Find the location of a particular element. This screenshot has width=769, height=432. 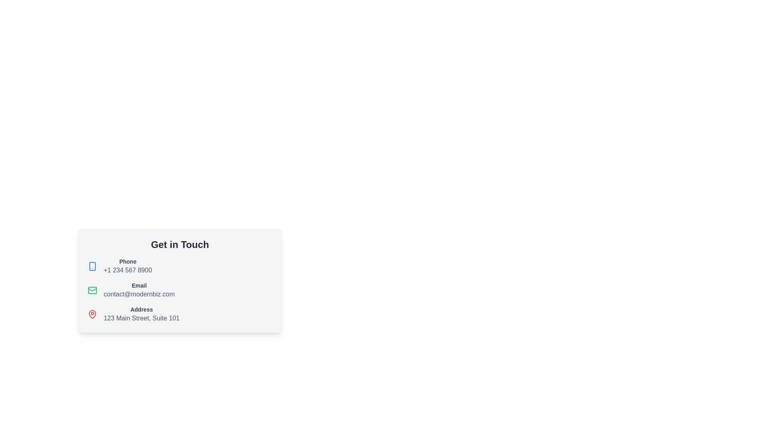

and drag is located at coordinates (139, 290).